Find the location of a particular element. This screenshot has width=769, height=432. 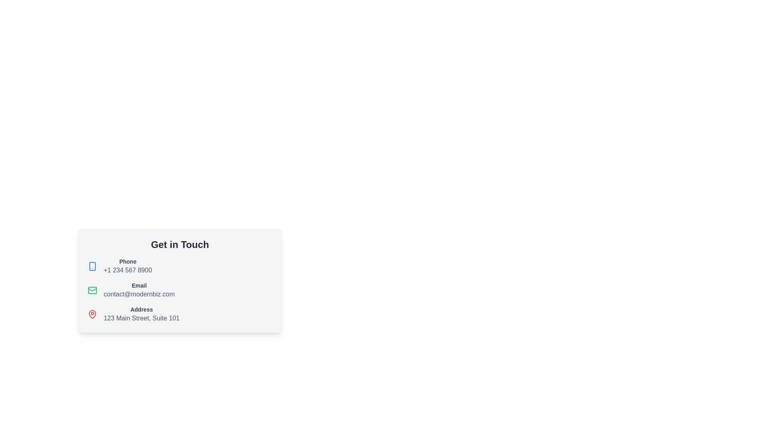

and drag is located at coordinates (139, 290).